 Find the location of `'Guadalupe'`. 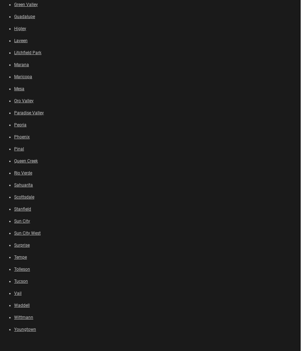

'Guadalupe' is located at coordinates (24, 16).